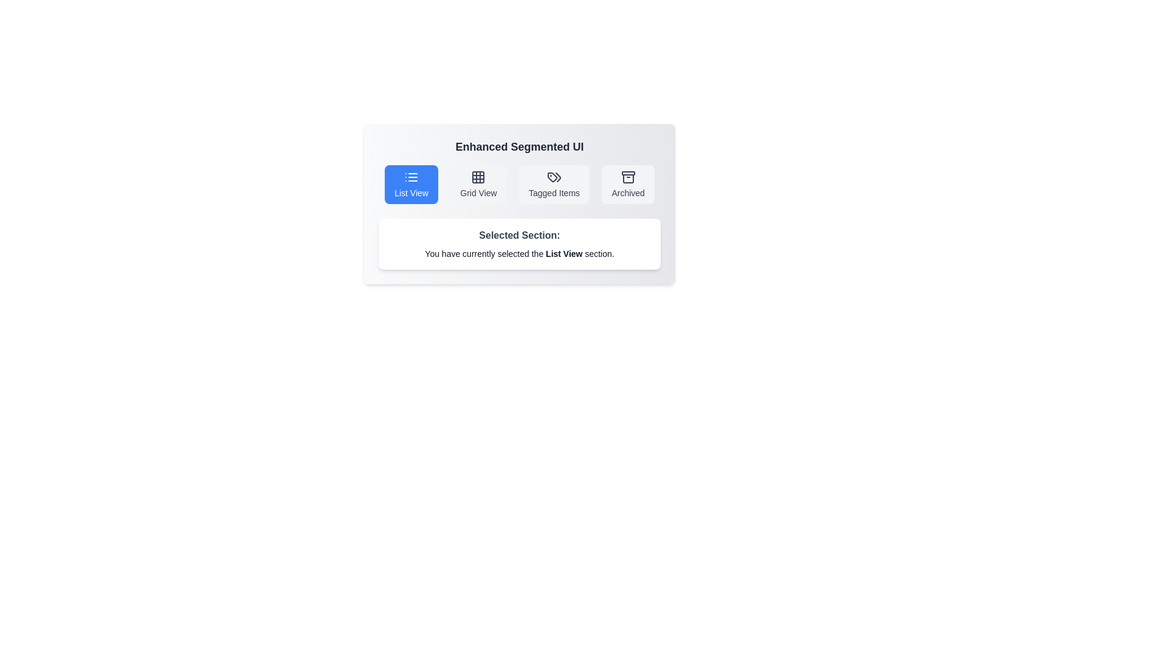 Image resolution: width=1167 pixels, height=656 pixels. What do you see at coordinates (628, 185) in the screenshot?
I see `the button with an icon and text combination that allows users` at bounding box center [628, 185].